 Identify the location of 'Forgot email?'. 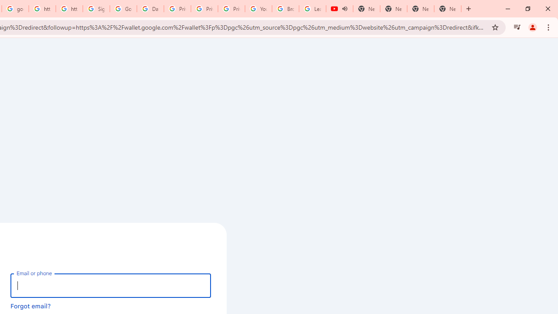
(31, 305).